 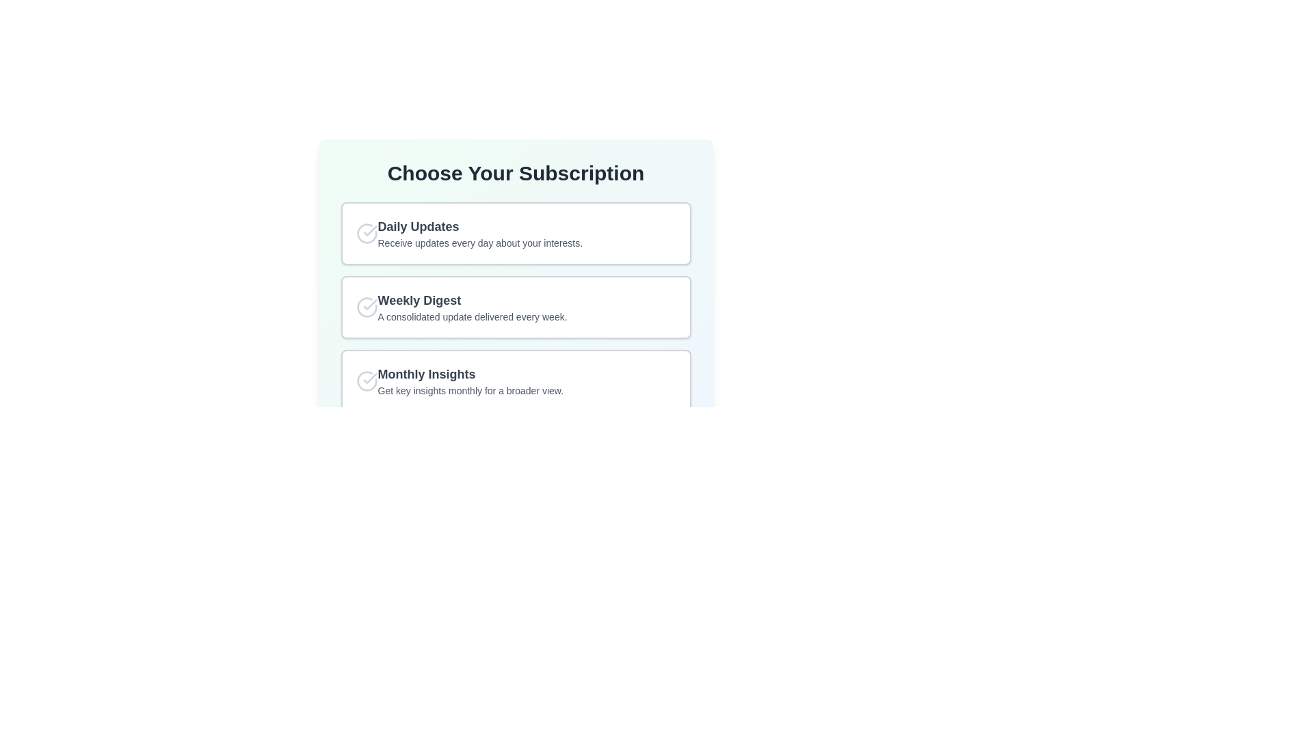 I want to click on the text label displaying 'Monthly Insights', which is bold and larger in size, styled in dark gray against a light background, located in the third section of subscription options, so click(x=470, y=374).